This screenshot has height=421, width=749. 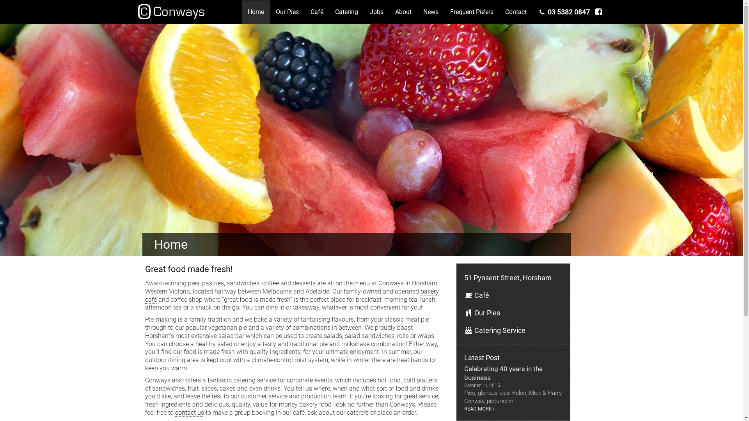 What do you see at coordinates (363, 12) in the screenshot?
I see `'Jobs'` at bounding box center [363, 12].